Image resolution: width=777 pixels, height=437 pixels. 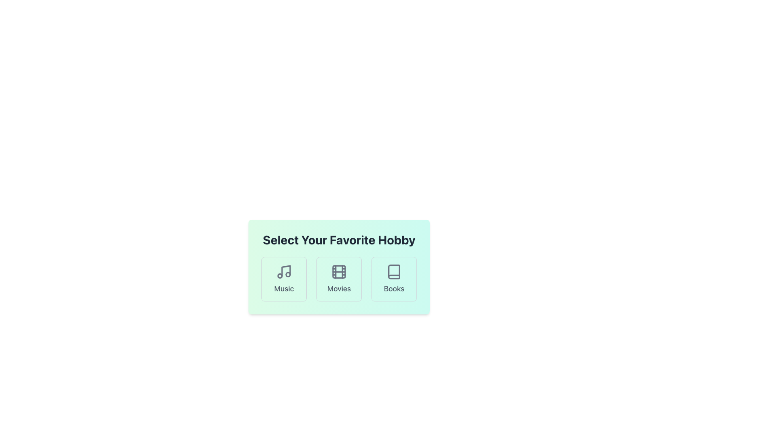 I want to click on the 'Books' text label, which is a medium-sized gray font indicating the selection option in the 'Select Your Favorite Hobby' section, so click(x=394, y=288).